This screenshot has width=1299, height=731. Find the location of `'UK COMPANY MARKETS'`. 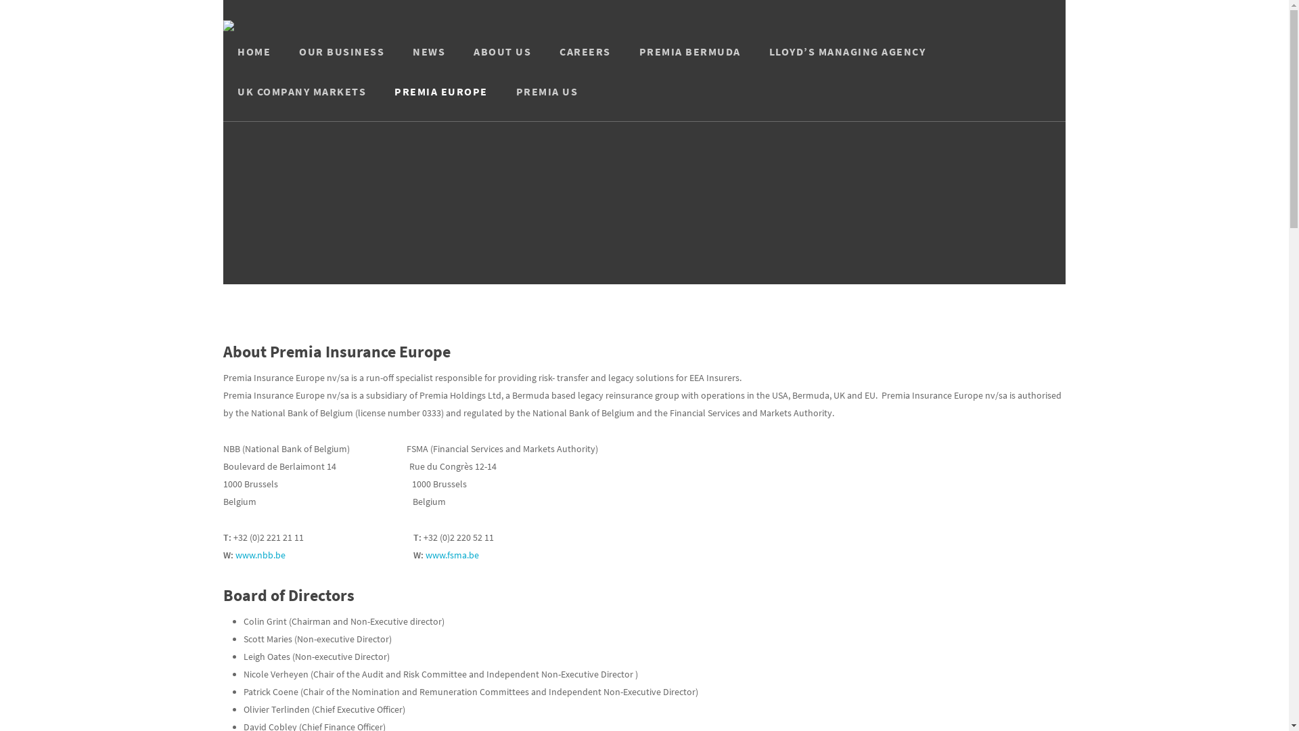

'UK COMPANY MARKETS' is located at coordinates (301, 101).